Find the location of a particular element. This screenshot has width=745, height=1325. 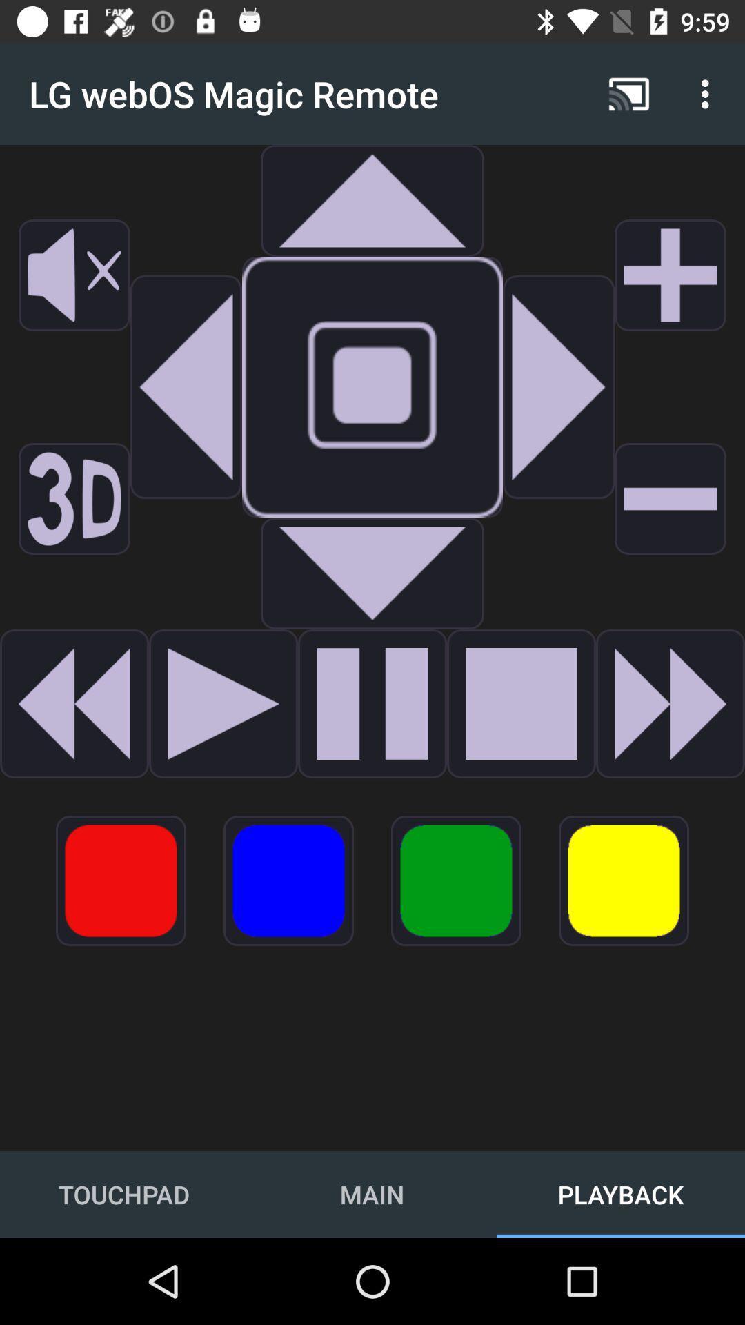

the pause icon is located at coordinates (372, 703).